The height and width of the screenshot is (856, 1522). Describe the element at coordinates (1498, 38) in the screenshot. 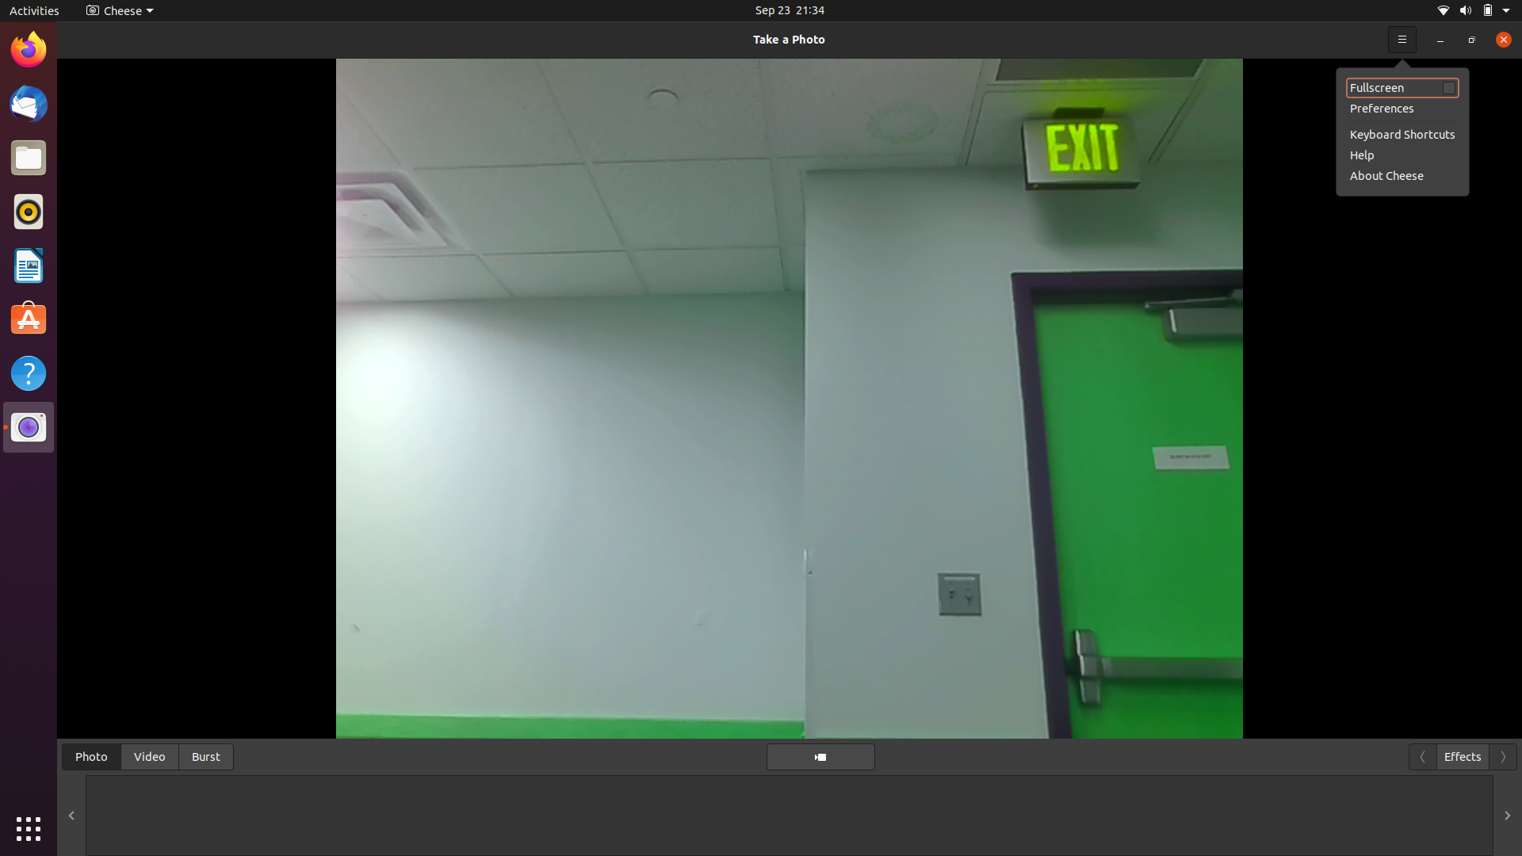

I see `Show About Cheese info using keys to navigate through drop-down` at that location.